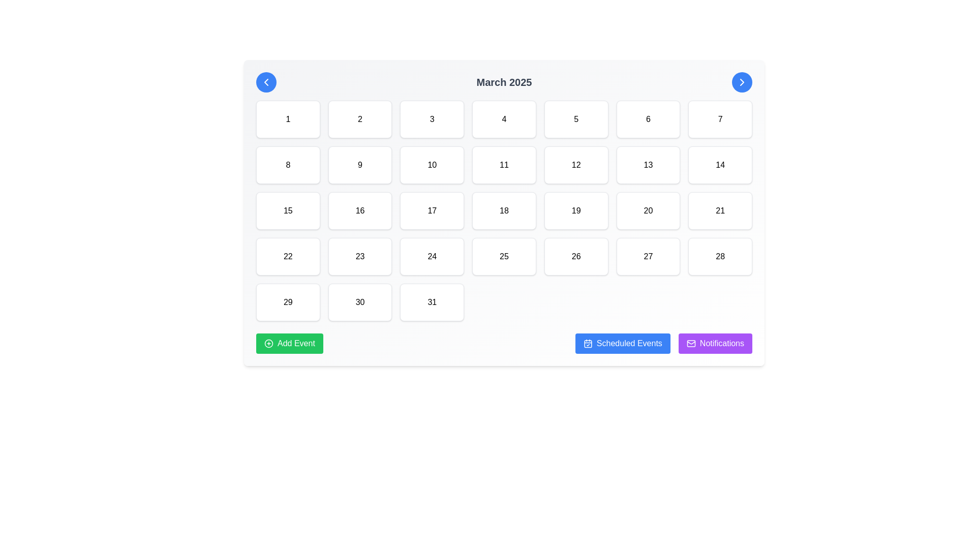  Describe the element at coordinates (287, 301) in the screenshot. I see `the text label indicating the 29th day in the last row of the March 2025 calendar layout, located in the second position from the left` at that location.